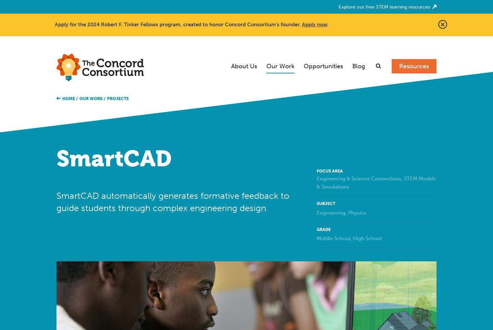 This screenshot has height=330, width=493. Describe the element at coordinates (317, 170) in the screenshot. I see `'Focus Area'` at that location.